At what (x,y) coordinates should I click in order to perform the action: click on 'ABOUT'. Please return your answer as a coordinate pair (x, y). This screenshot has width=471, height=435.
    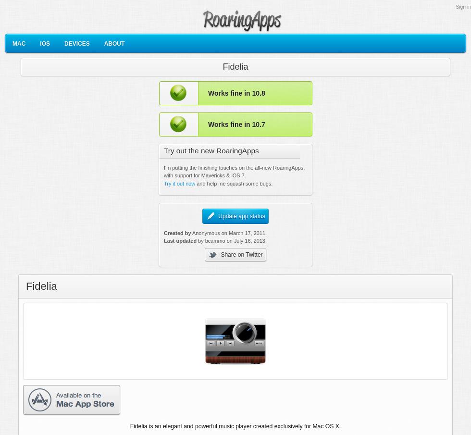
    Looking at the image, I should click on (114, 44).